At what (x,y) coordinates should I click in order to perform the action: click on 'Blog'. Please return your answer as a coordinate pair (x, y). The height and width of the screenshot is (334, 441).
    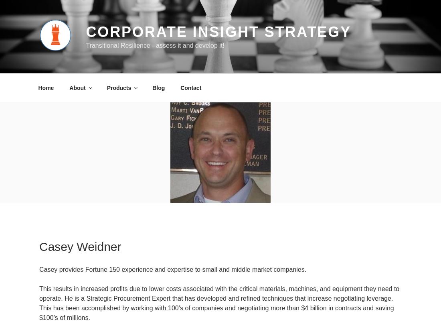
    Looking at the image, I should click on (152, 87).